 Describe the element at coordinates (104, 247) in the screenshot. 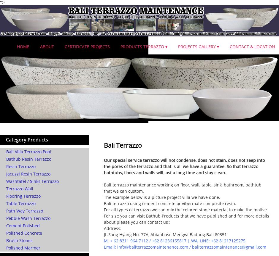

I see `'Email: info@baliterrazzomaintenance.com / baliterrazzomaintenance@gmail.com'` at that location.